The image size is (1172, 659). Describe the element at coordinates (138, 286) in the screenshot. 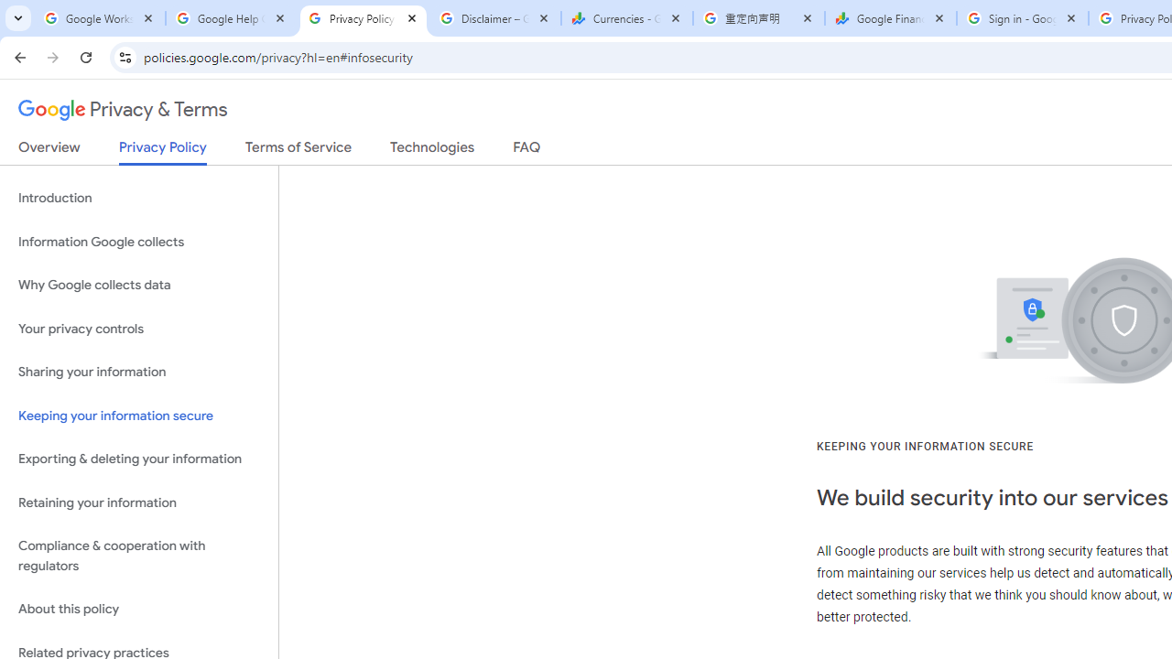

I see `'Why Google collects data'` at that location.